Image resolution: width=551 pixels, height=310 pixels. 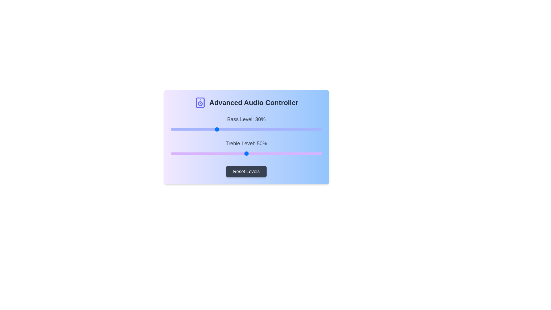 I want to click on the 0 slider to 63%, so click(x=266, y=129).